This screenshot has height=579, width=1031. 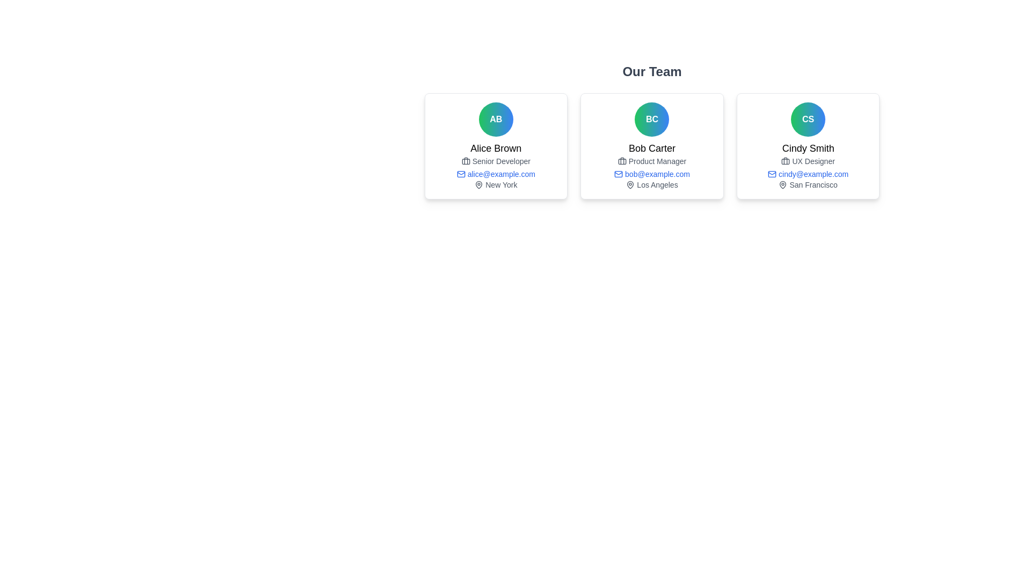 What do you see at coordinates (495, 120) in the screenshot?
I see `the circular Profile Badge with a gradient background and the initials 'AB', located at the top-center of the card containing the name 'Alice Brown'` at bounding box center [495, 120].